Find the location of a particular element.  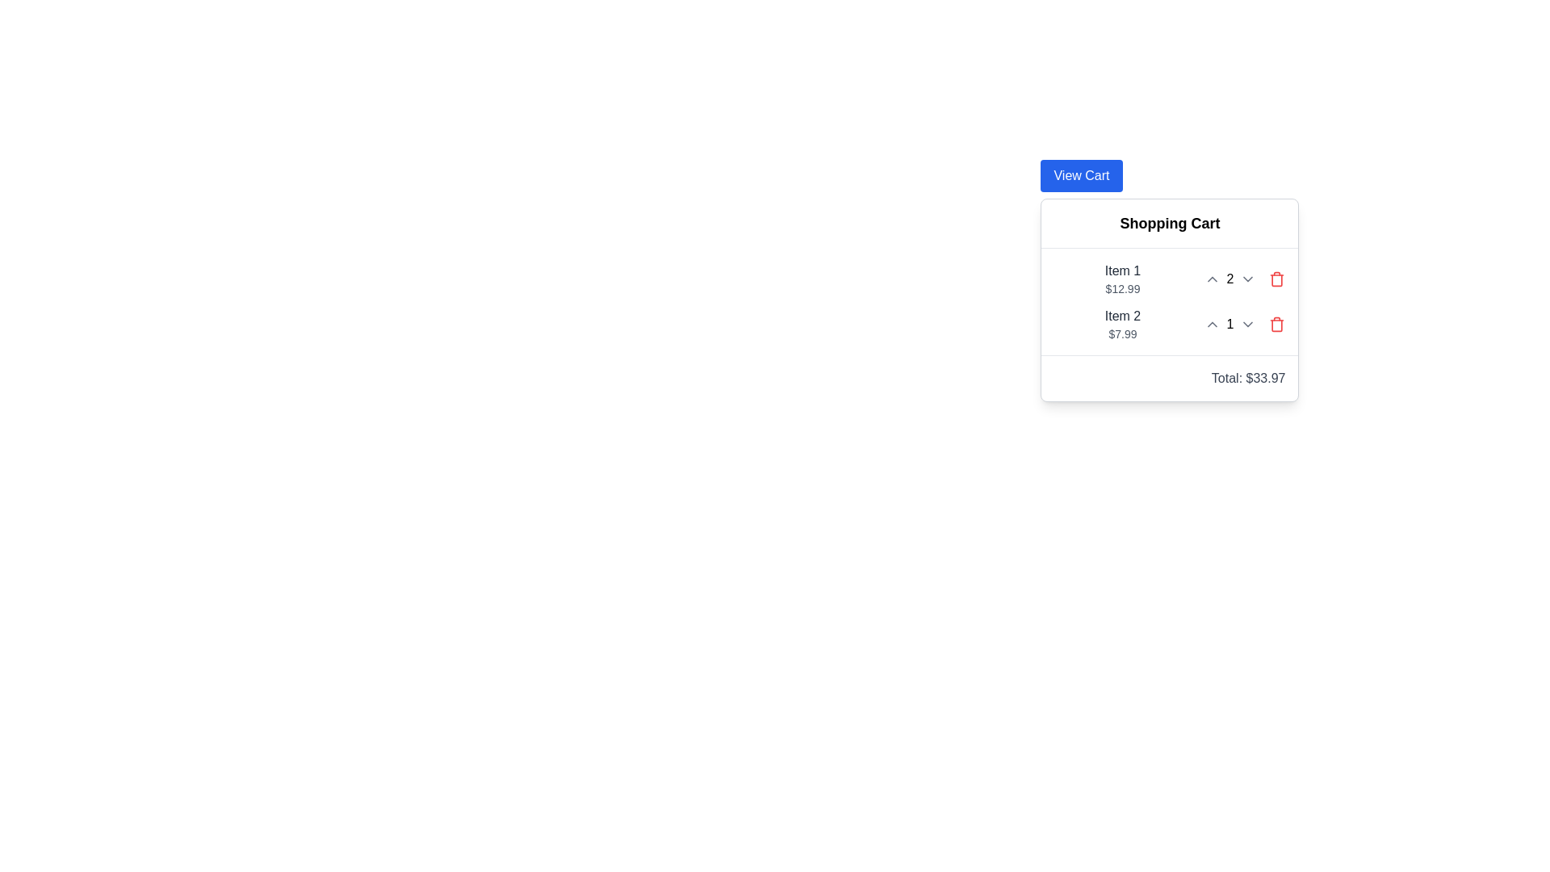

the fourth button in the shopping cart interface to the right of the quantity number '2' is located at coordinates (1247, 279).